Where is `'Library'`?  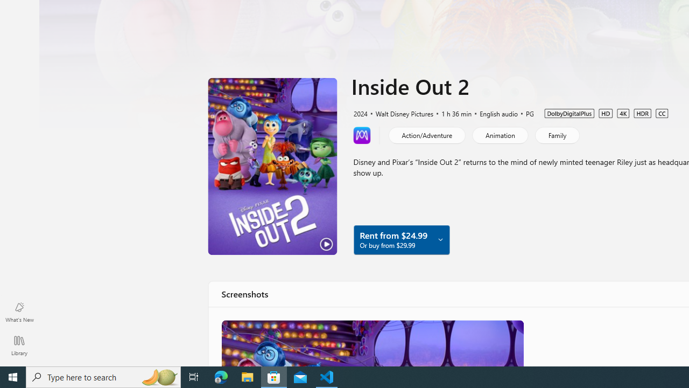 'Library' is located at coordinates (19, 345).